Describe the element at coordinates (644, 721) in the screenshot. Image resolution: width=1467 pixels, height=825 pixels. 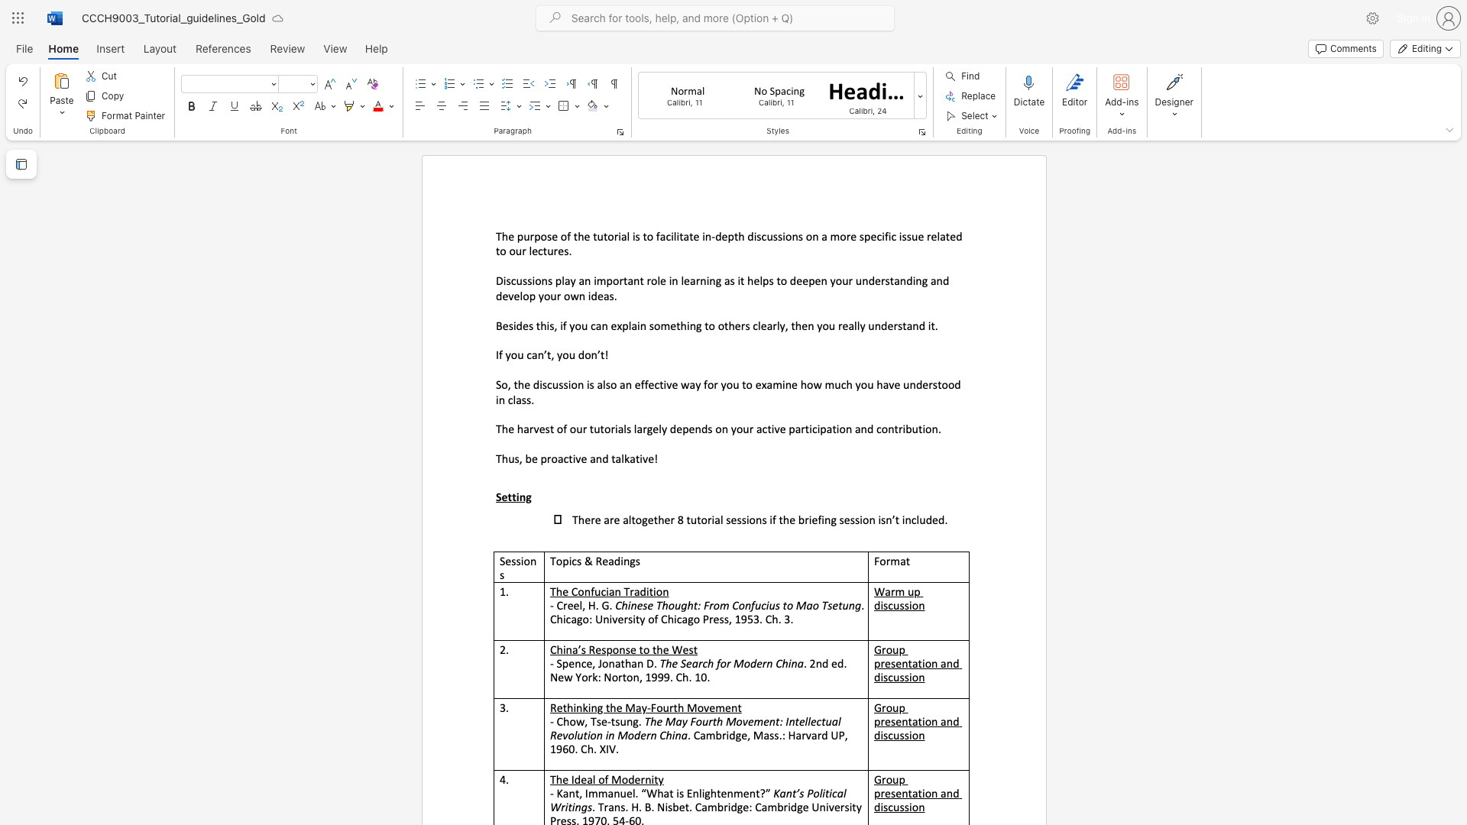
I see `the subset text "The May Fourth M" within the text "The May Fourth Movement: Intellectual Revolution in Modern China"` at that location.